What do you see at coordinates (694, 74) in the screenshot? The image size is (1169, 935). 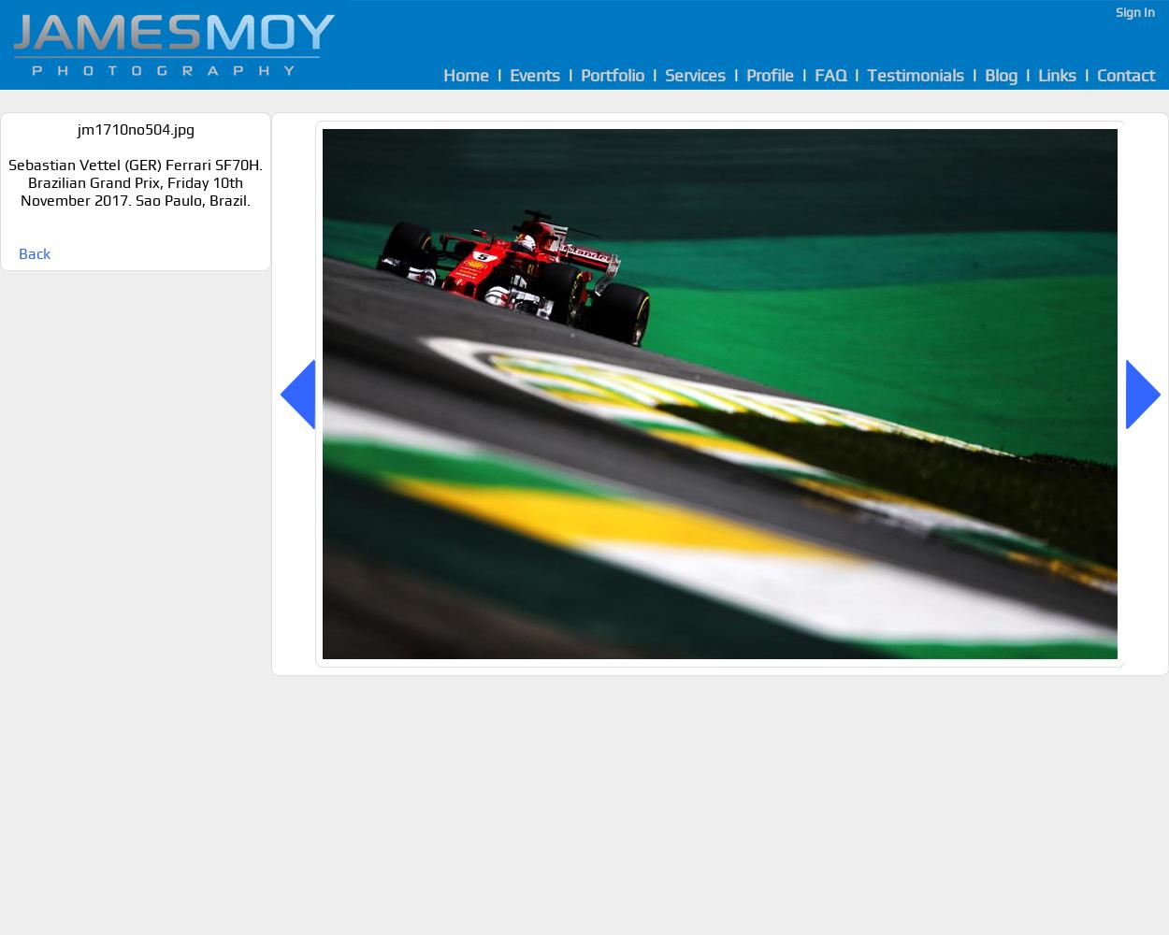 I see `'Services'` at bounding box center [694, 74].